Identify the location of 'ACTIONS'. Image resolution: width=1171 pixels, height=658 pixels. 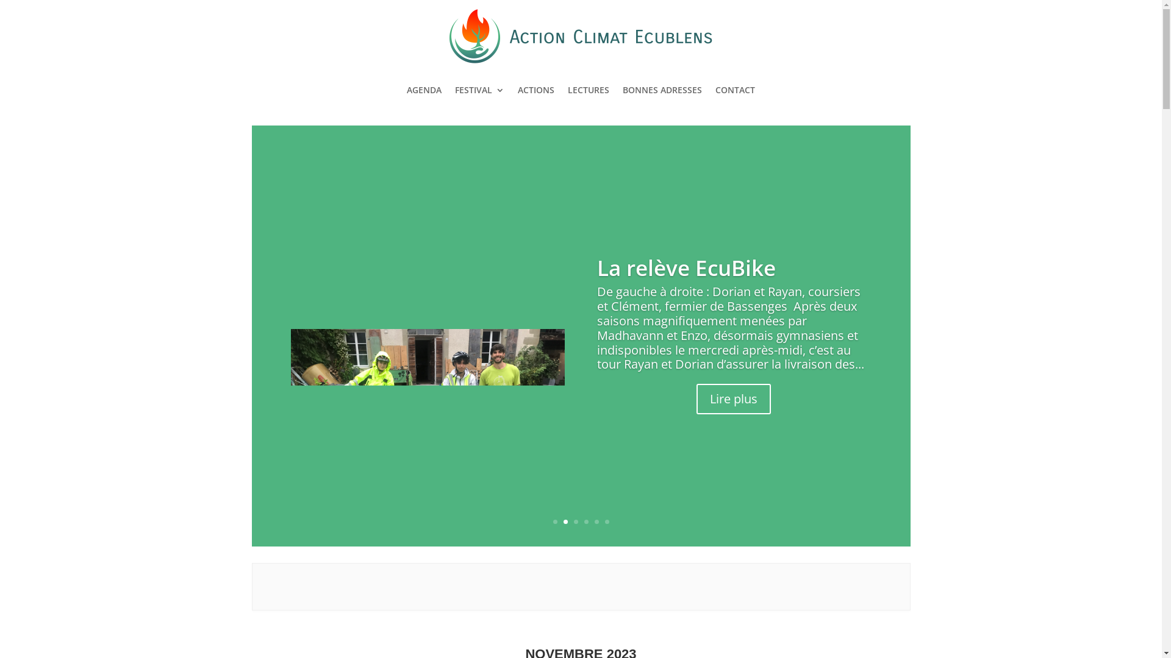
(535, 89).